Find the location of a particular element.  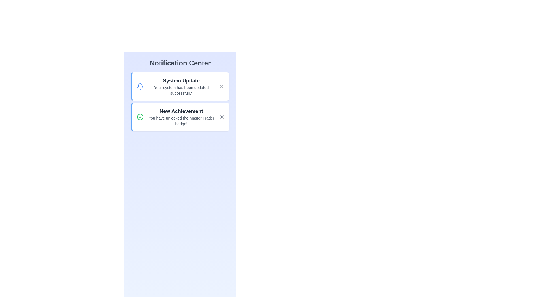

the achievement icon located within the 'New Achievement' notification card, positioned to the left of the title text is located at coordinates (140, 116).